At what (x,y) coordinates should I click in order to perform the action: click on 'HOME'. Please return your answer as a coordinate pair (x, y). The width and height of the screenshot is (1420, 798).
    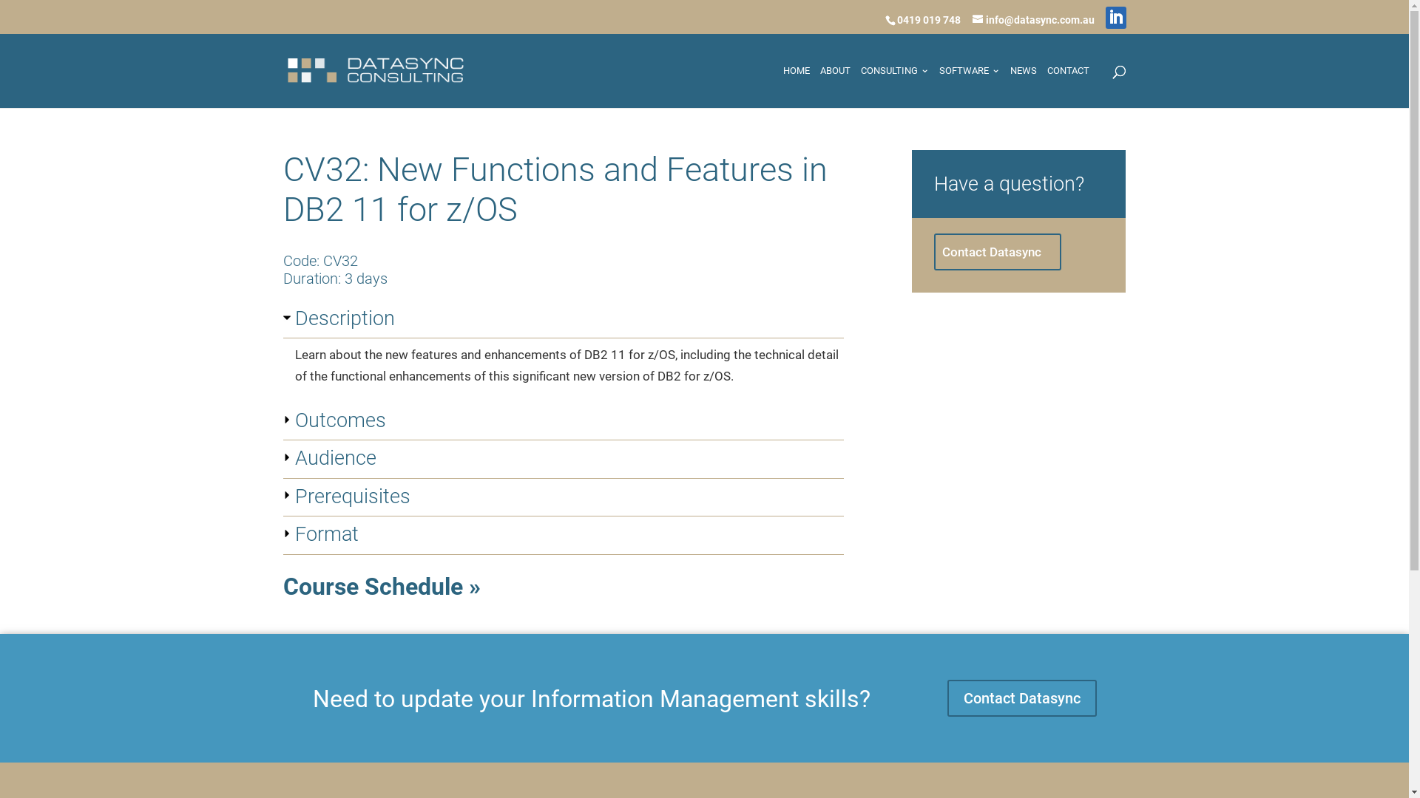
    Looking at the image, I should click on (781, 86).